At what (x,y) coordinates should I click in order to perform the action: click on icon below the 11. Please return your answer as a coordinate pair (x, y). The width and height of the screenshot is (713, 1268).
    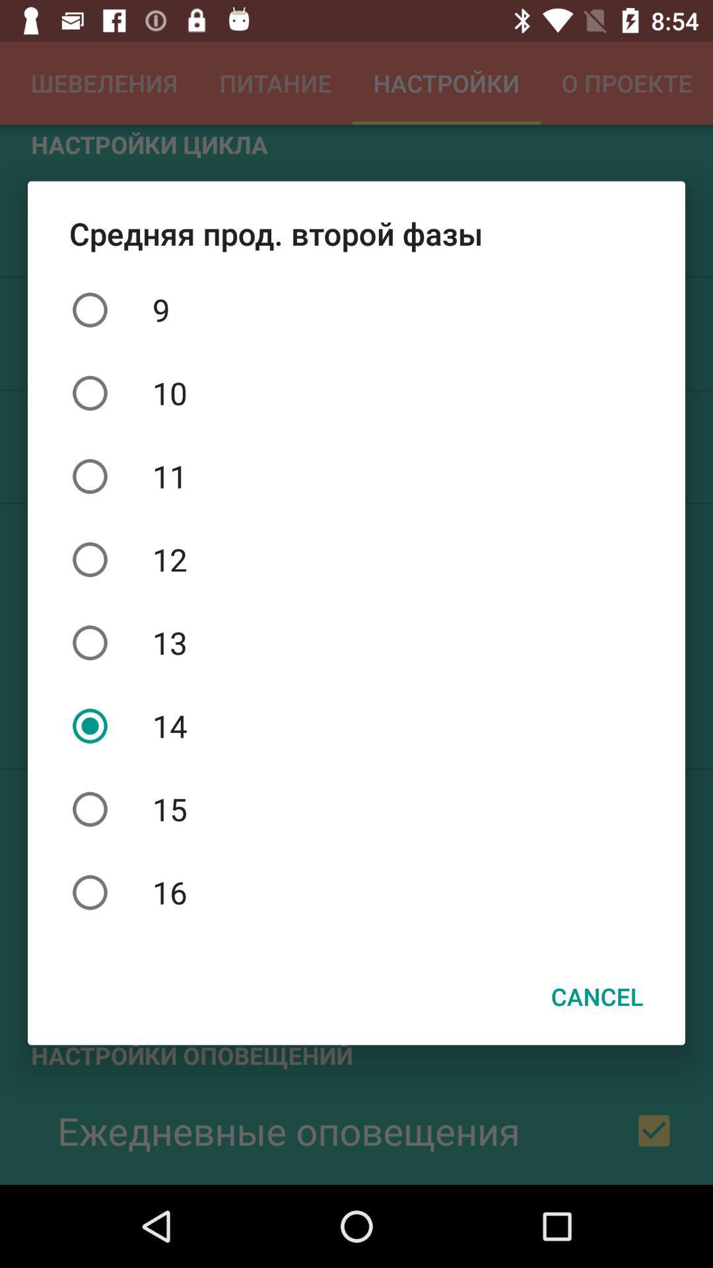
    Looking at the image, I should click on (356, 559).